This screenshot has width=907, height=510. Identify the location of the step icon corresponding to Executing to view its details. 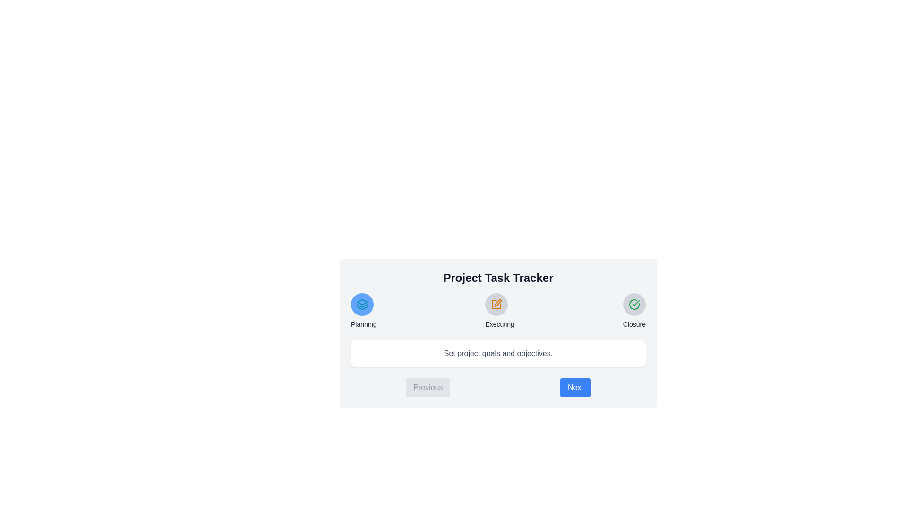
(496, 304).